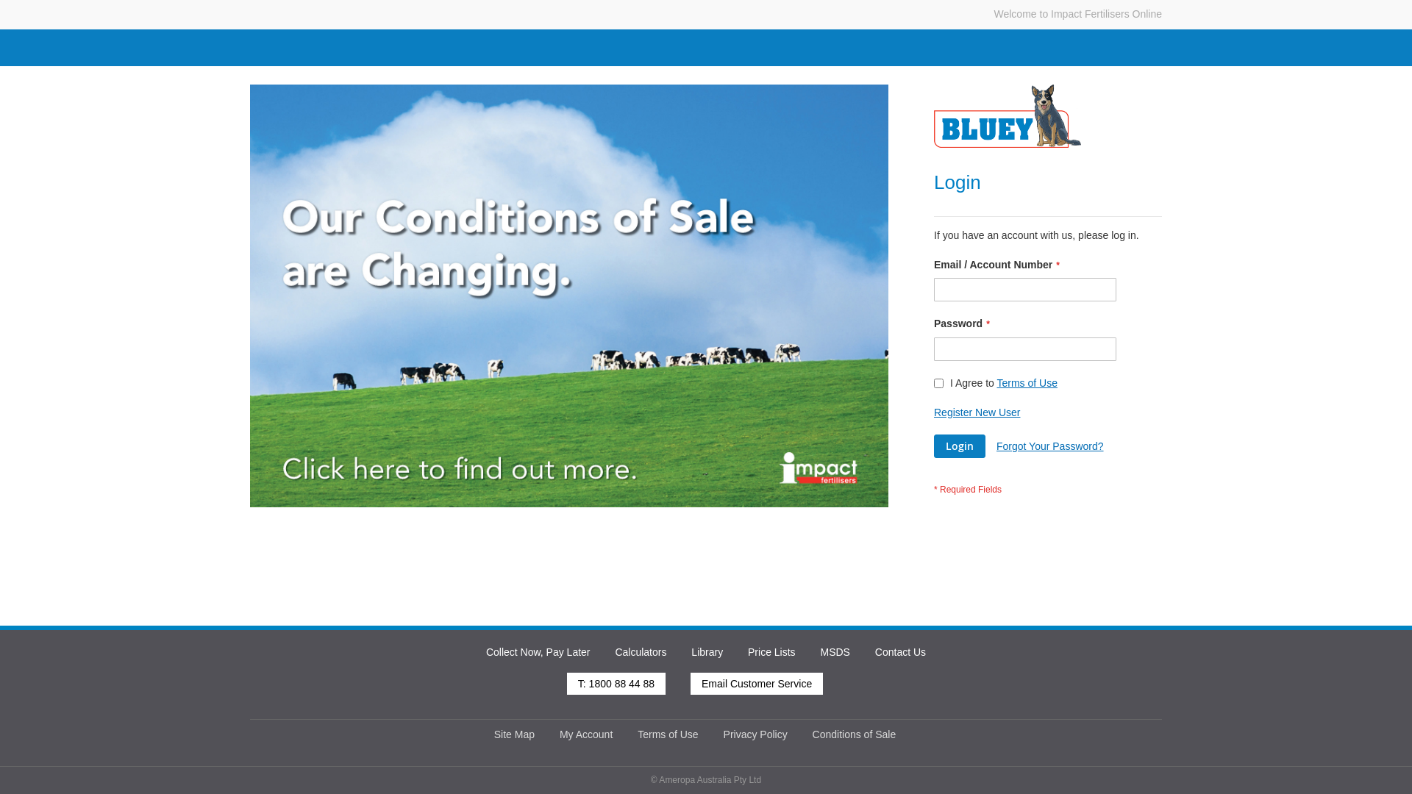 The width and height of the screenshot is (1412, 794). Describe the element at coordinates (996, 382) in the screenshot. I see `'Terms of Use'` at that location.